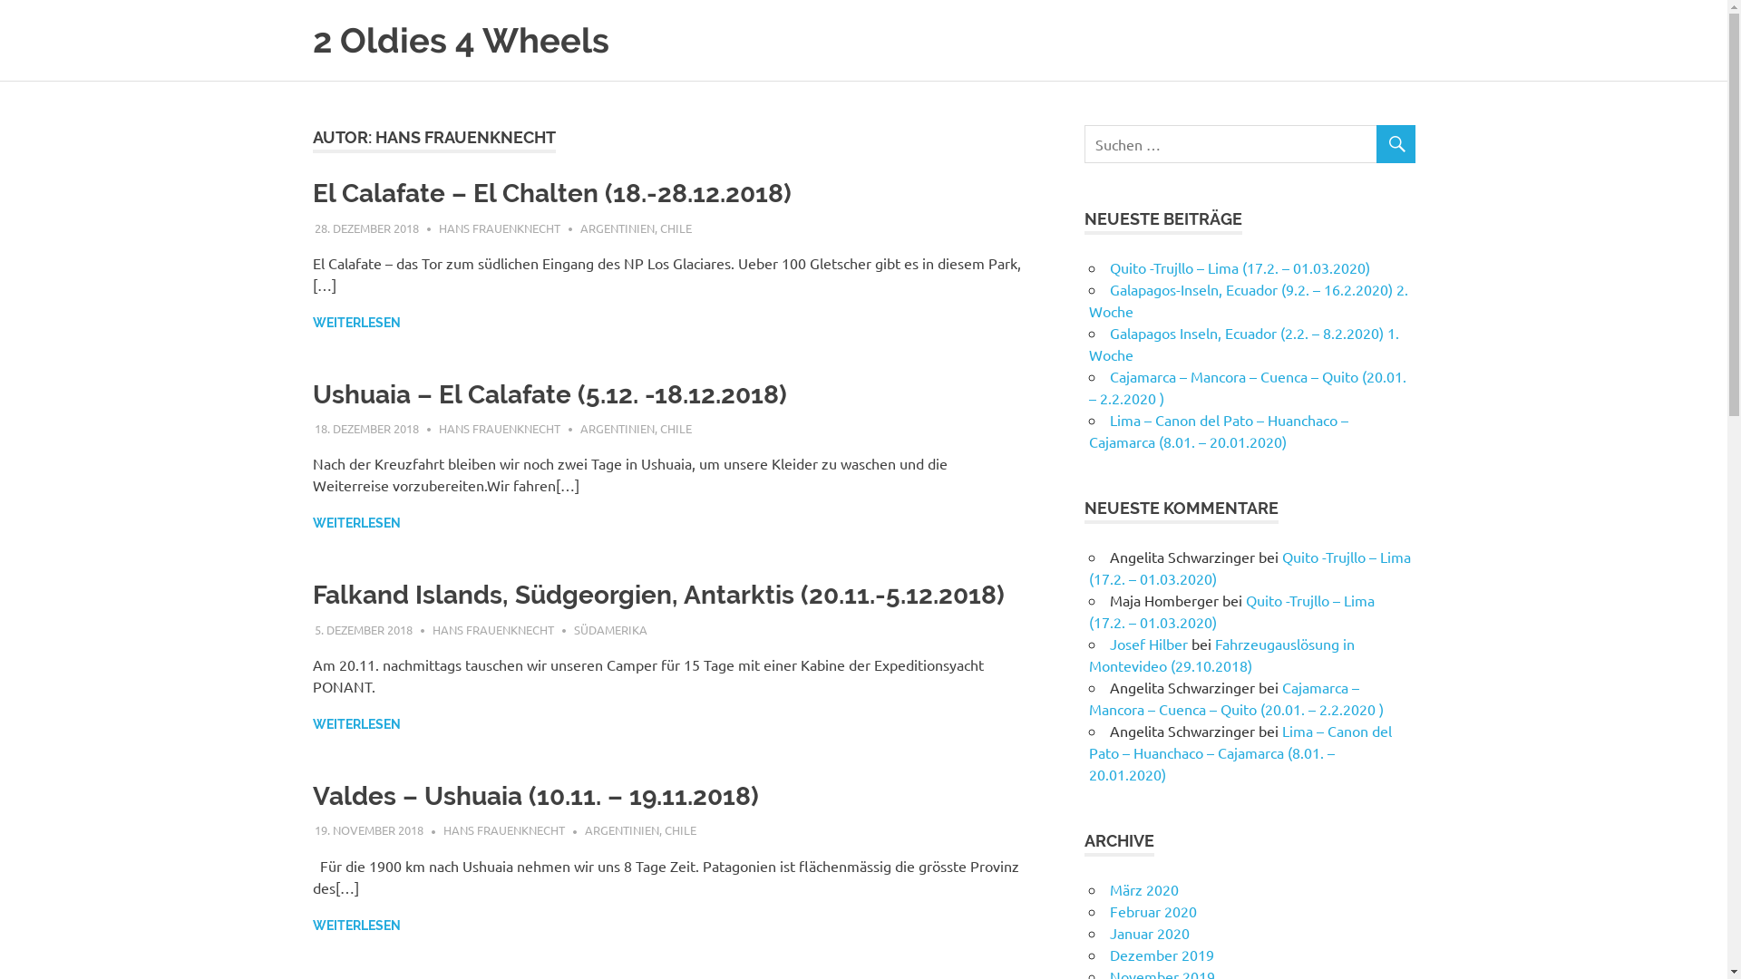 The height and width of the screenshot is (979, 1741). Describe the element at coordinates (460, 40) in the screenshot. I see `'2 Oldies 4 Wheels'` at that location.